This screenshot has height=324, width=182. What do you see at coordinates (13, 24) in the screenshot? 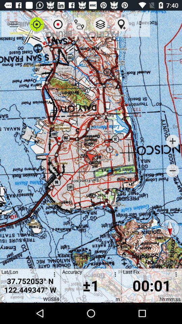
I see `the item above the lat/lon app` at bounding box center [13, 24].